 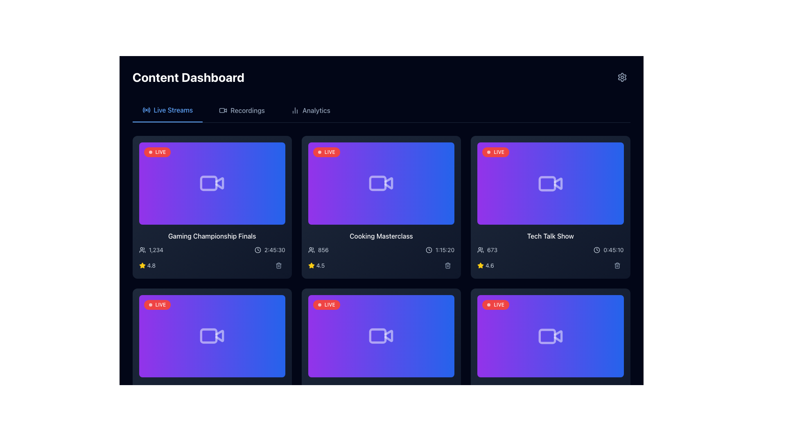 What do you see at coordinates (558, 336) in the screenshot?
I see `the Play button, which is a triangular icon located on the right side of the video thumbnail card in the bottom row, second column of the grid layout` at bounding box center [558, 336].